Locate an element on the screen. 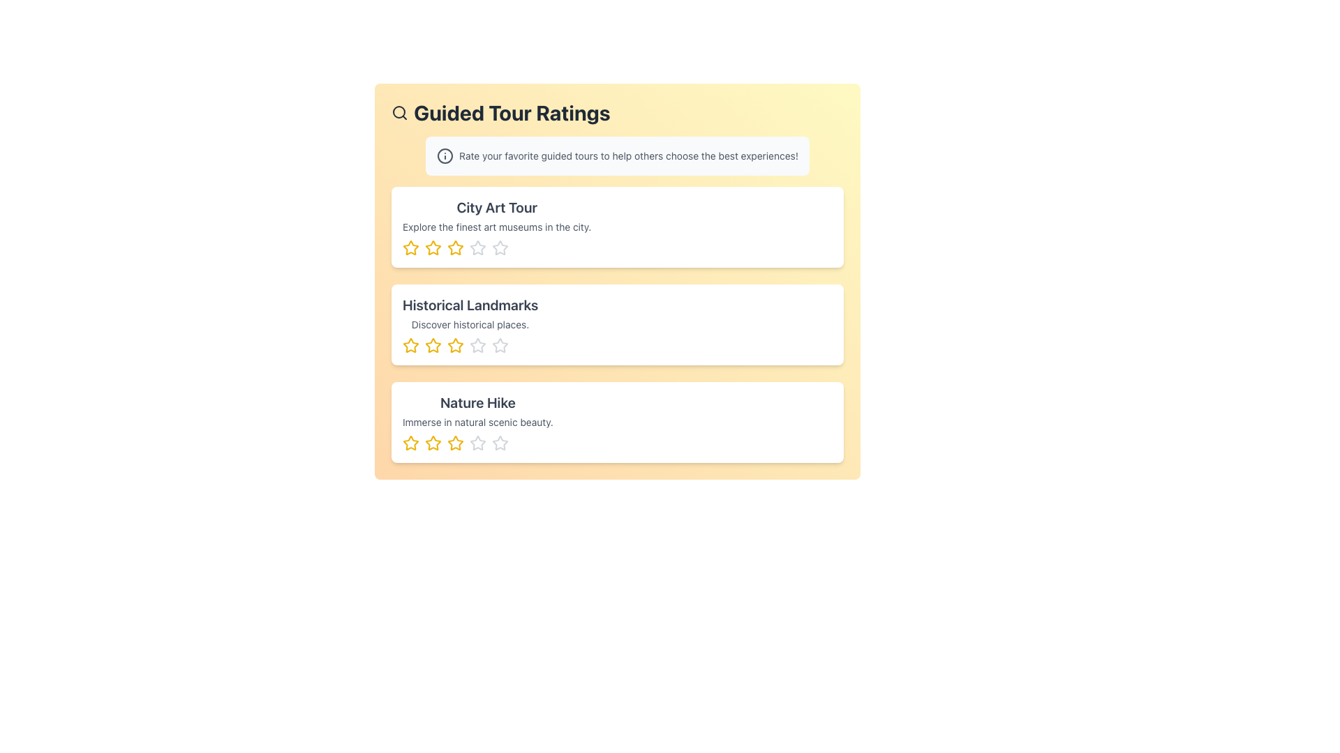  the first rating star icon with a yellow border under the 'City Art Tour' section is located at coordinates (410, 247).